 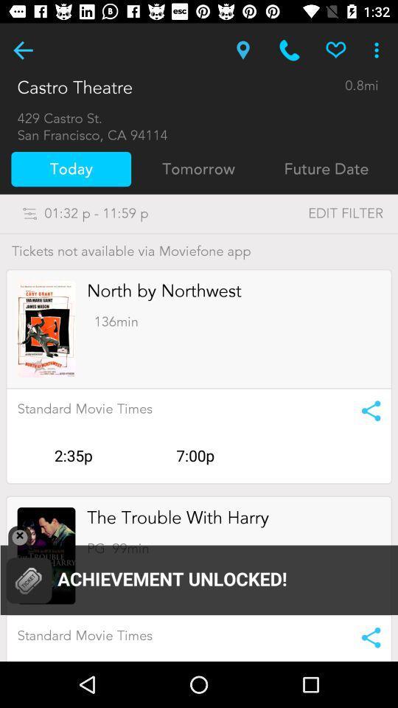 What do you see at coordinates (366, 636) in the screenshot?
I see `setting button` at bounding box center [366, 636].